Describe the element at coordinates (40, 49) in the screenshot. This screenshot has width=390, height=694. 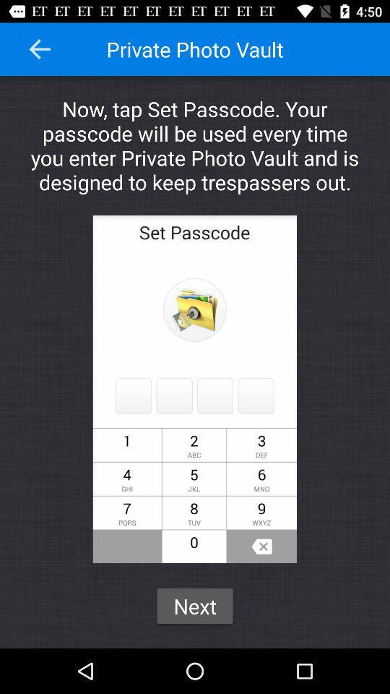
I see `the item to the left of private photo vault item` at that location.